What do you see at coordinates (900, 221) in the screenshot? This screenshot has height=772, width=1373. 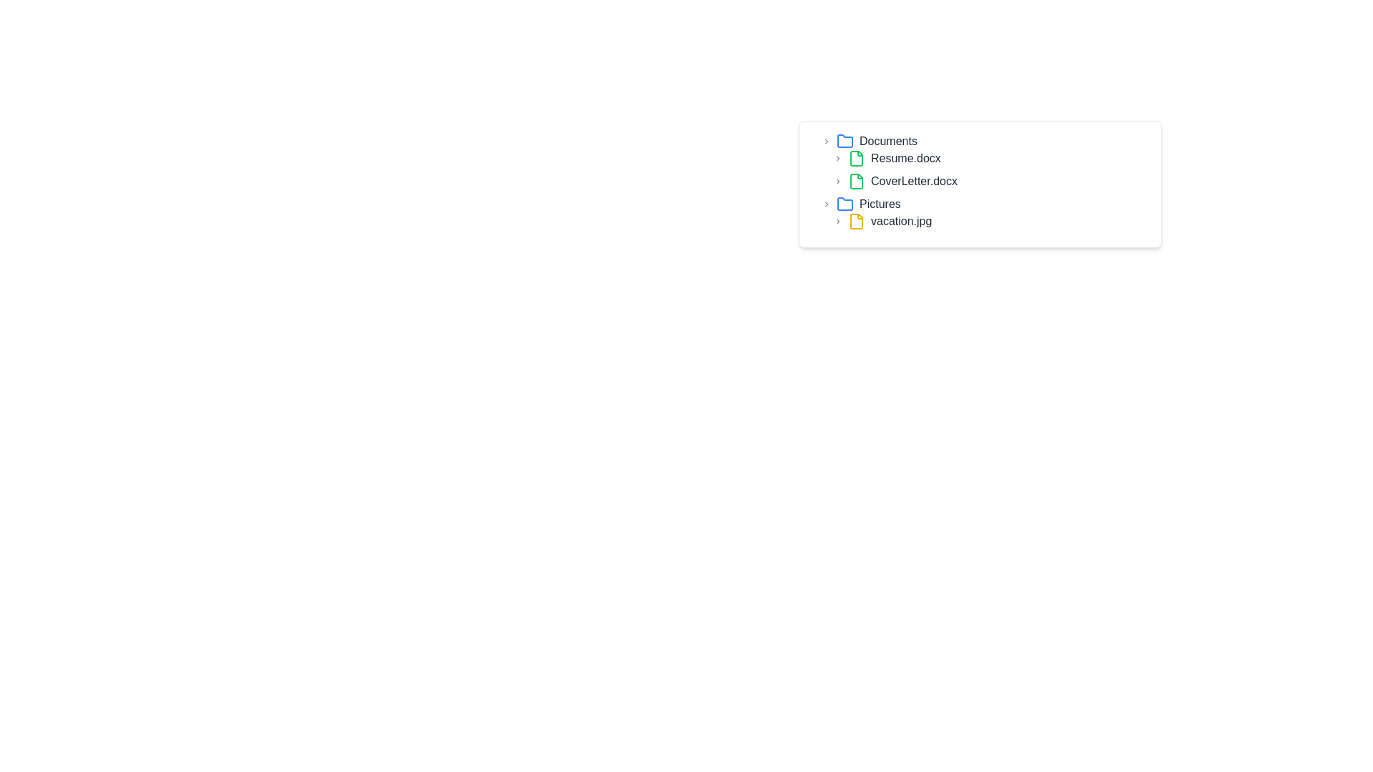 I see `the text label representing the name of the file located as the rightmost component after the file icon` at bounding box center [900, 221].